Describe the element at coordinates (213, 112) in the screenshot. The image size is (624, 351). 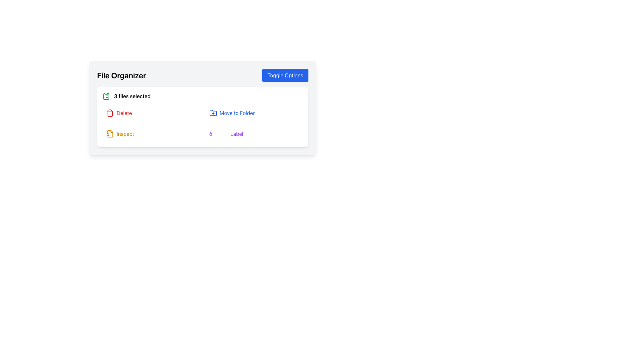
I see `the background of the third folder icon in the second row of the grid, which has a blue outline and is located next to the 'Delete' icon and text` at that location.